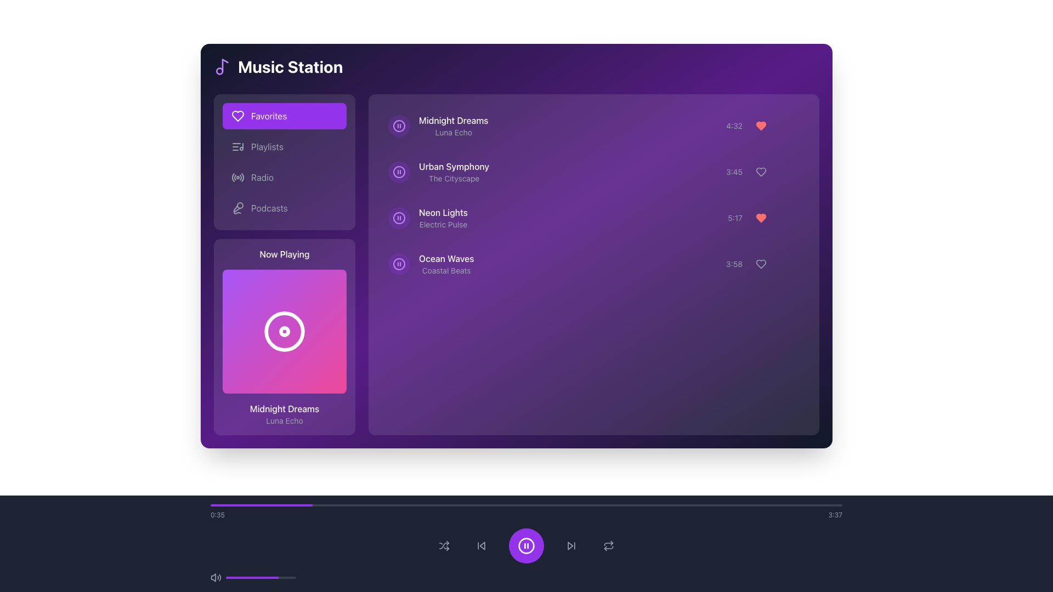 The image size is (1053, 592). Describe the element at coordinates (693, 505) in the screenshot. I see `playback position` at that location.